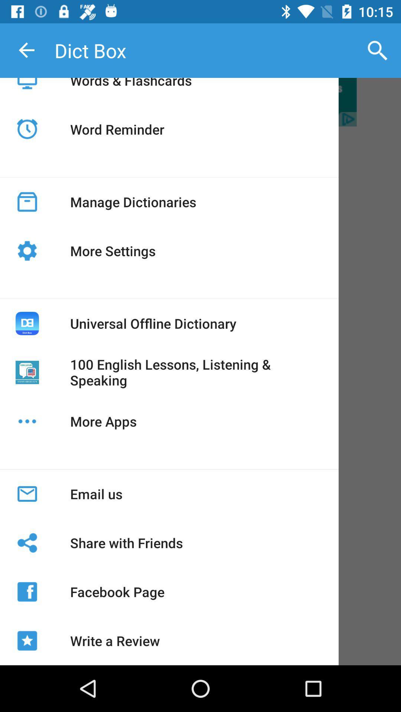 This screenshot has height=712, width=401. I want to click on the app above word reminder icon, so click(130, 89).